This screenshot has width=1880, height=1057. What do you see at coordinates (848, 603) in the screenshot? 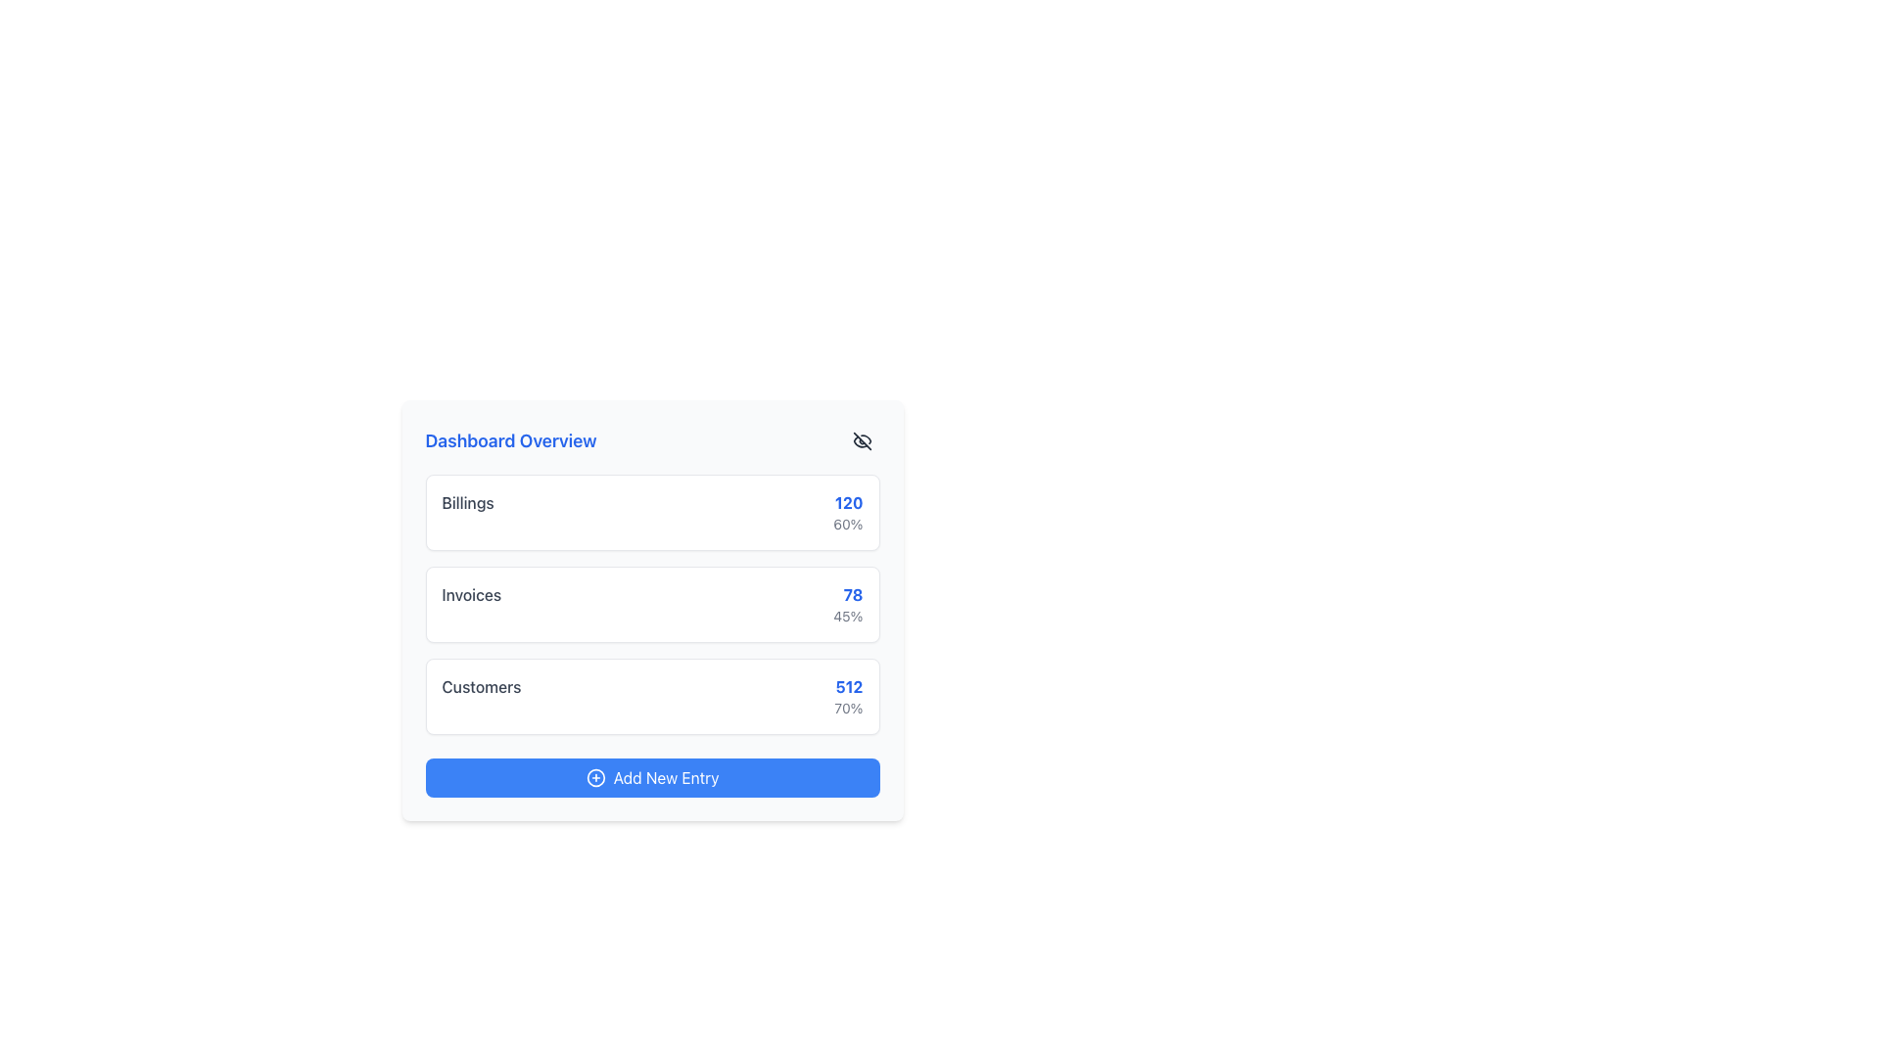
I see `numeric data ('78') and associated percentage ('45%') from the Text-based information widget located in the top right corner of the 'Invoices' card` at bounding box center [848, 603].